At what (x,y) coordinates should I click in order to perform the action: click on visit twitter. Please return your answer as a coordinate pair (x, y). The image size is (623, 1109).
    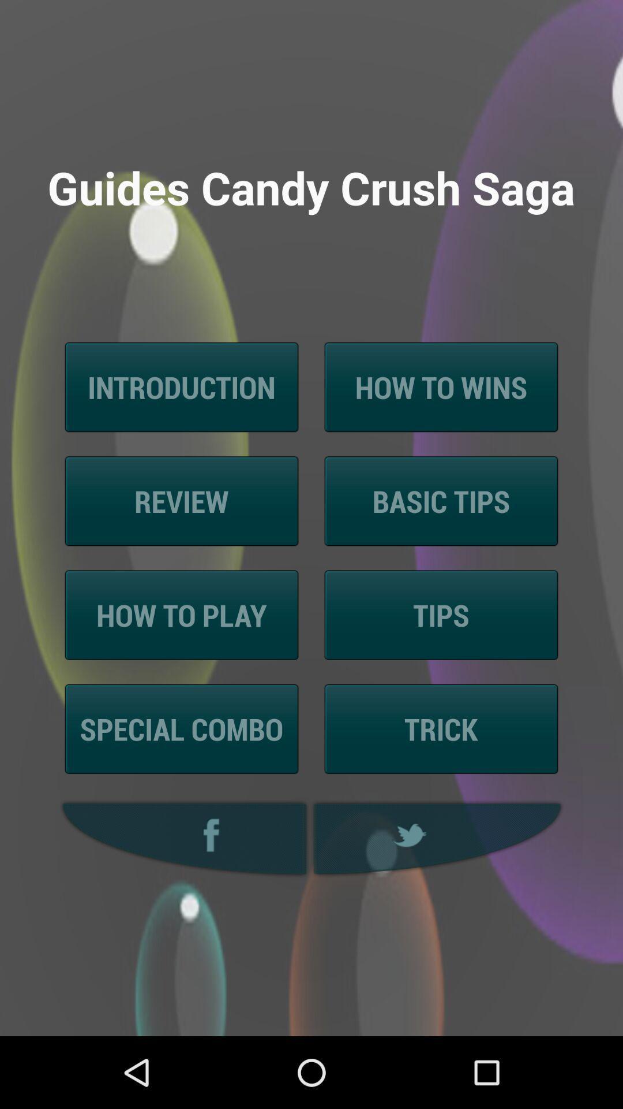
    Looking at the image, I should click on (439, 839).